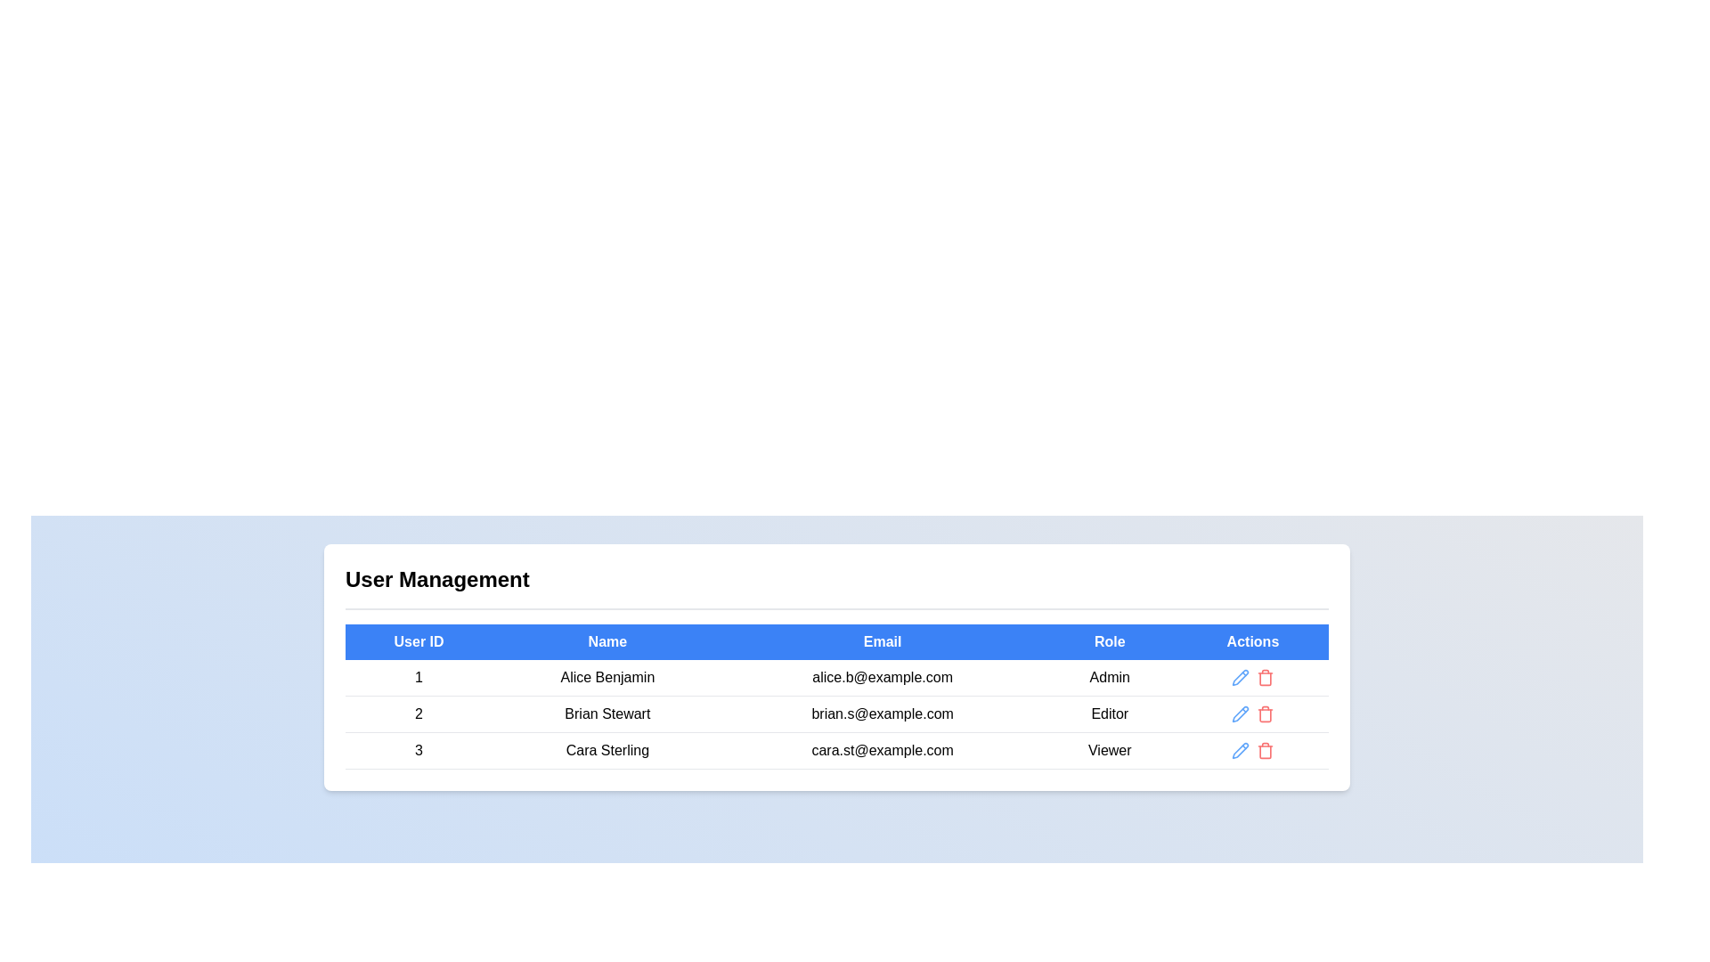 The height and width of the screenshot is (962, 1710). I want to click on the blue pen icon in the Interactive action buttons group, so click(1251, 713).